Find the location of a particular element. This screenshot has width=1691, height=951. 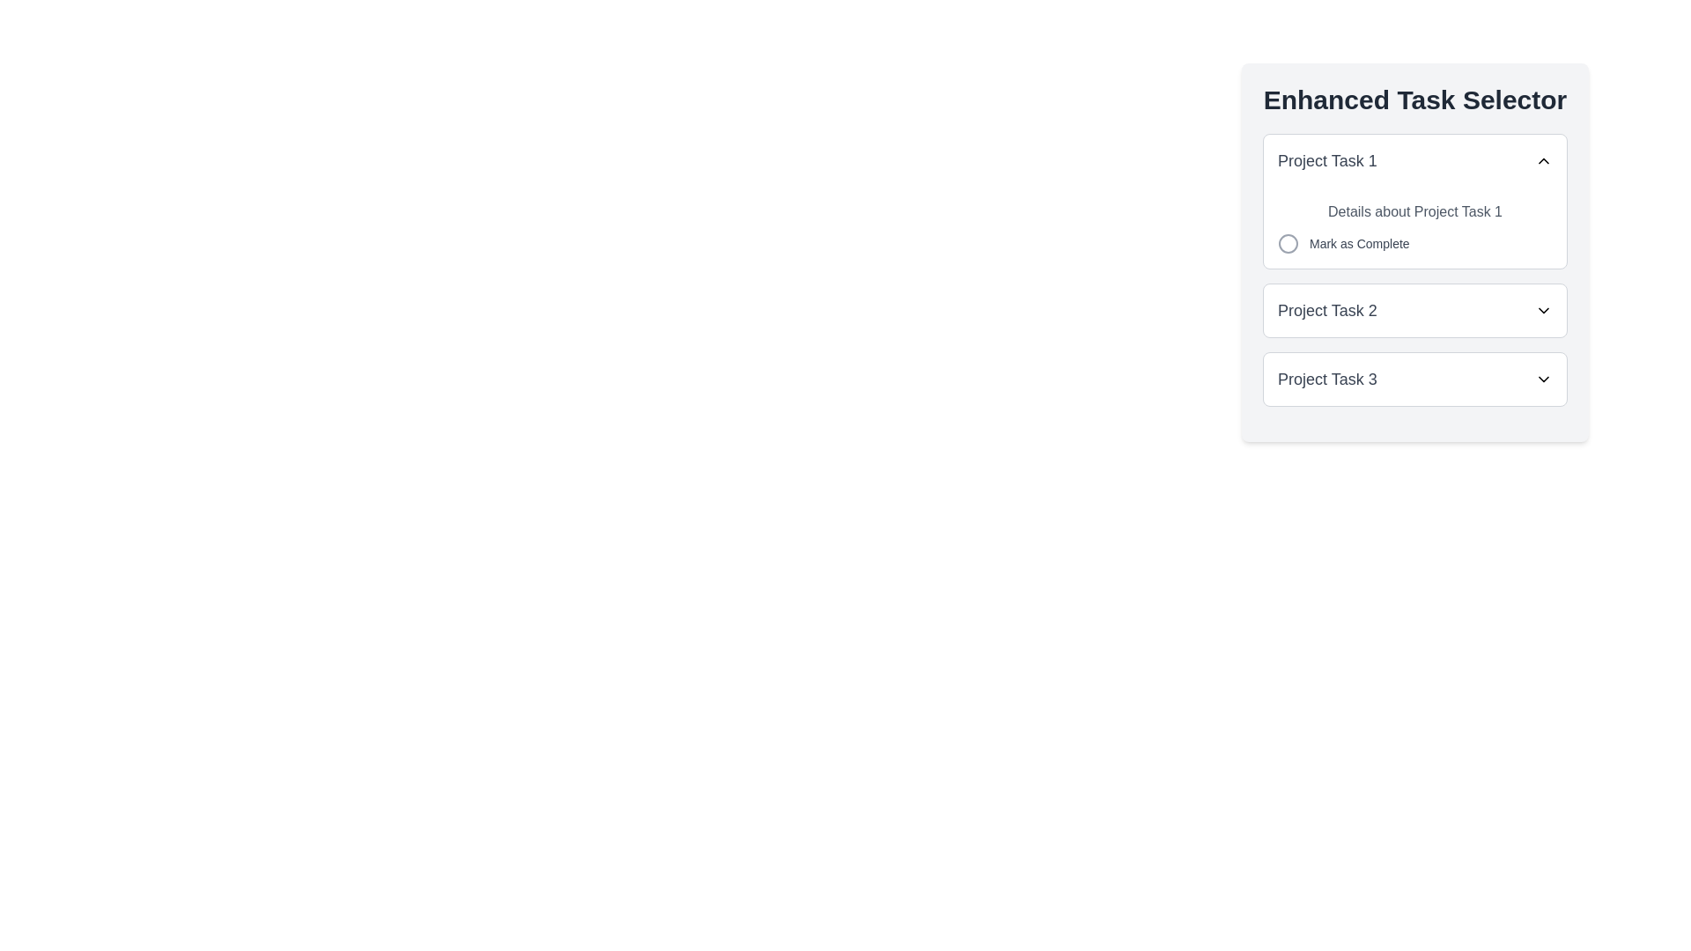

the text label reading 'Project Task 1' is located at coordinates (1327, 160).